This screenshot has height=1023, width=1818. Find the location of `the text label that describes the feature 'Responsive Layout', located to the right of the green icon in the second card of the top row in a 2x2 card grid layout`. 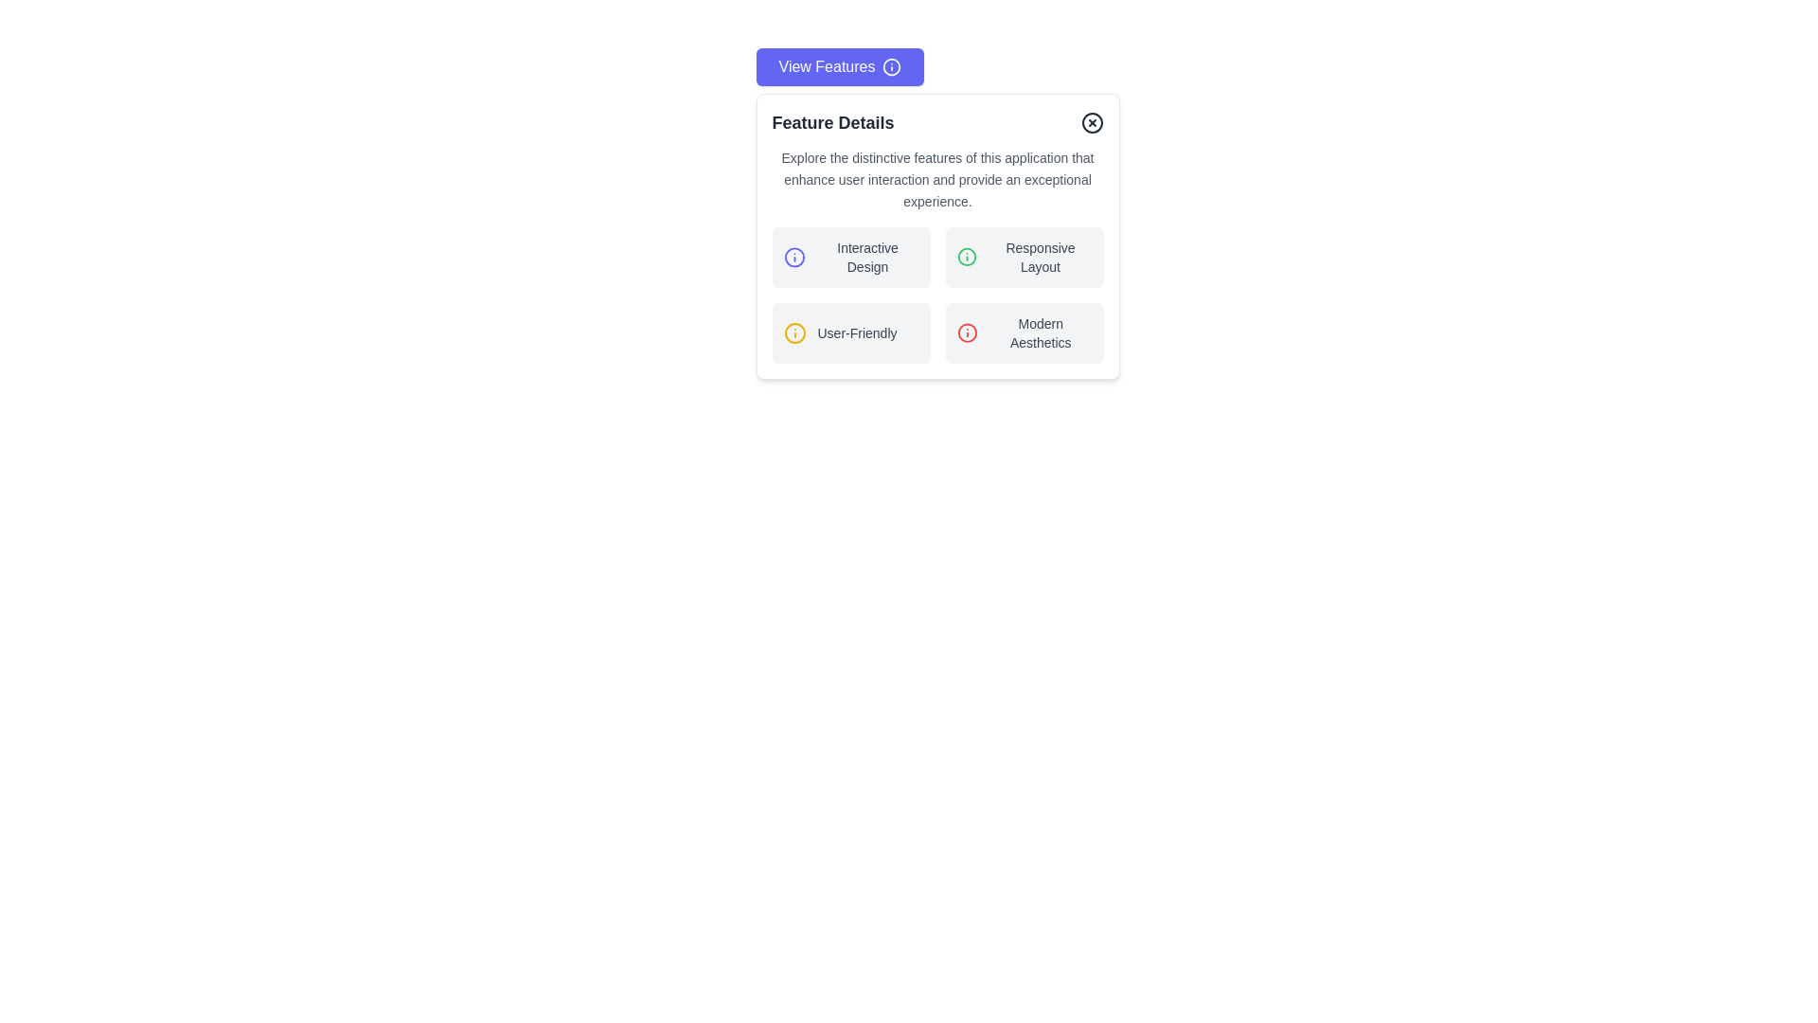

the text label that describes the feature 'Responsive Layout', located to the right of the green icon in the second card of the top row in a 2x2 card grid layout is located at coordinates (1040, 258).